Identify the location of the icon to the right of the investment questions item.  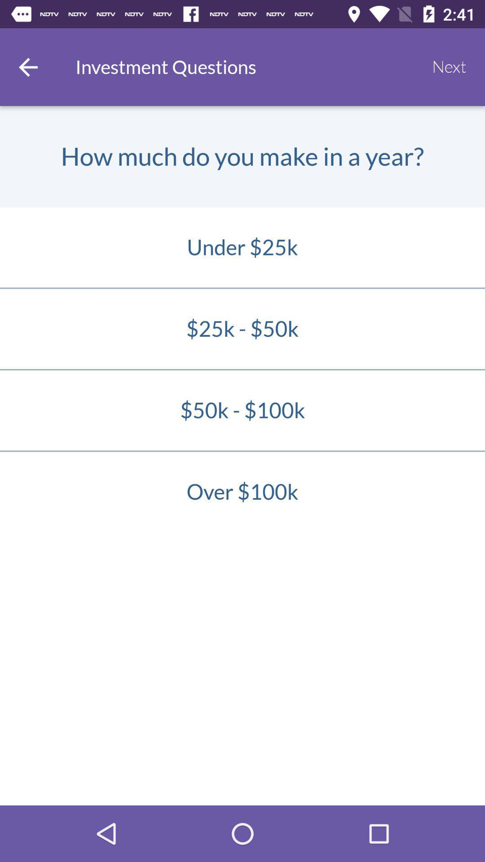
(449, 66).